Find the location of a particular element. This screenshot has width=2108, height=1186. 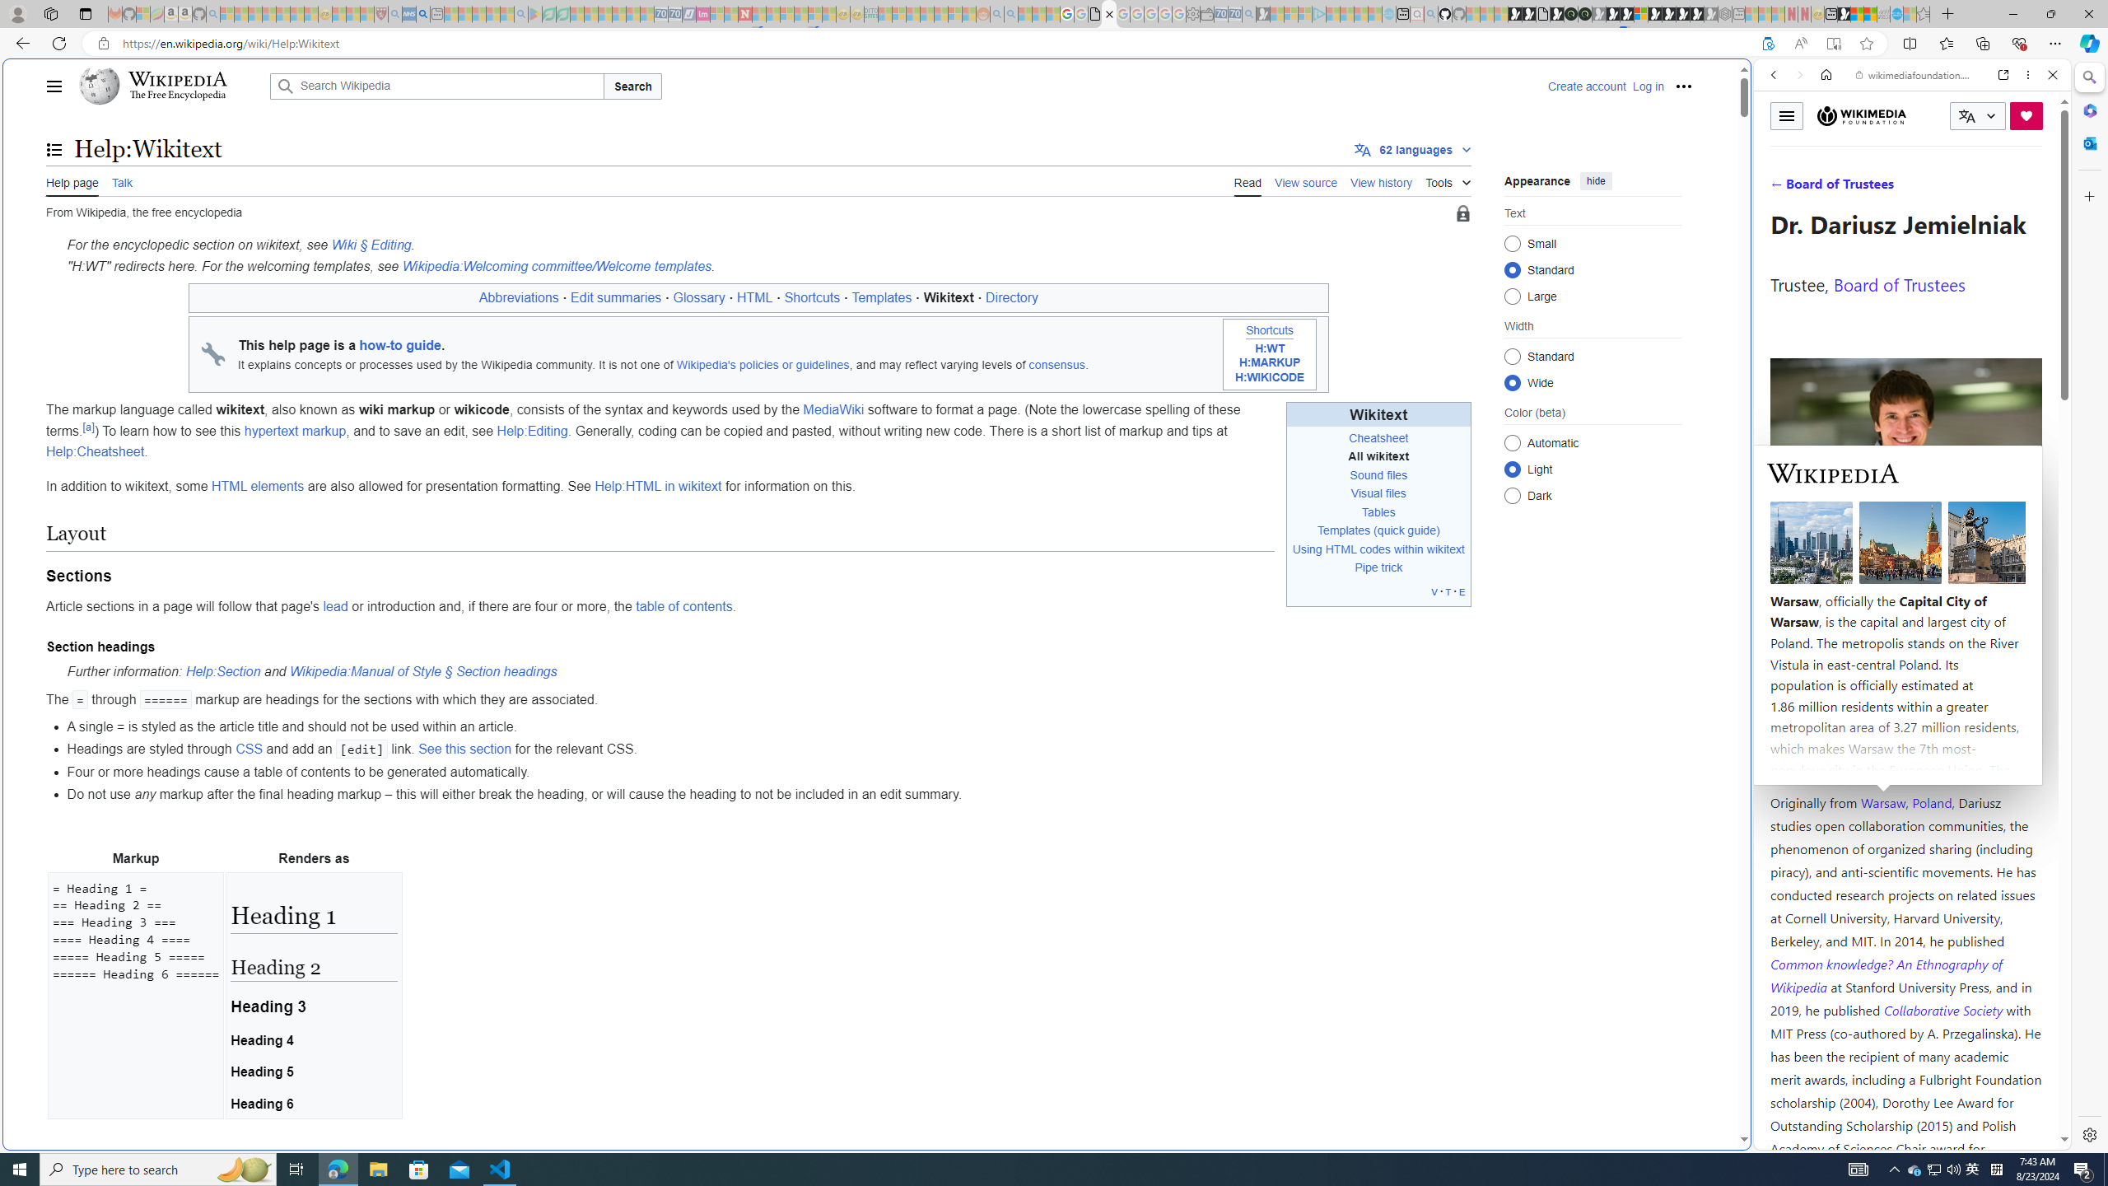

'Jobs - lastminute.com Investor Portal - Sleeping' is located at coordinates (702, 13).